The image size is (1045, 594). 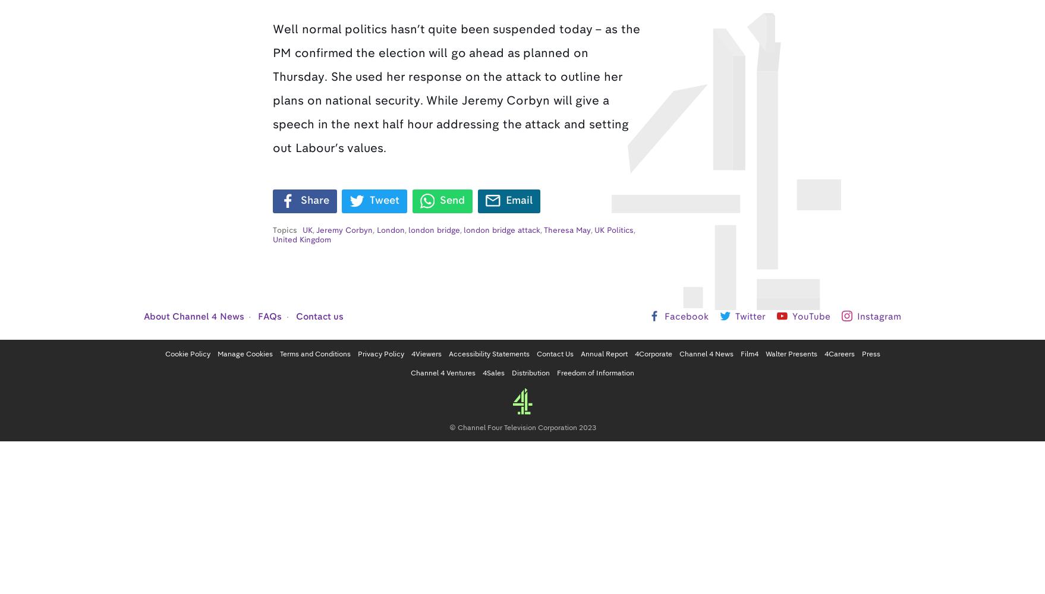 I want to click on 'Distribution', so click(x=531, y=372).